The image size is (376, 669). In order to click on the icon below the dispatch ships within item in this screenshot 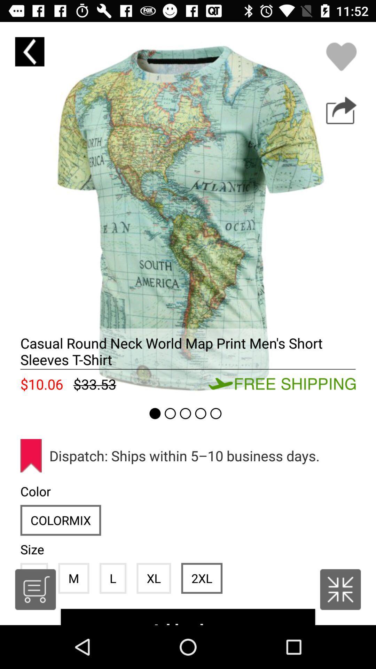, I will do `click(153, 578)`.